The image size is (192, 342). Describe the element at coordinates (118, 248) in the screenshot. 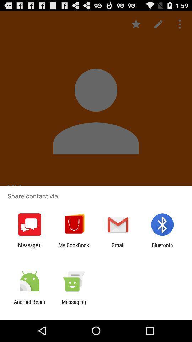

I see `item to the right of my cookbook icon` at that location.